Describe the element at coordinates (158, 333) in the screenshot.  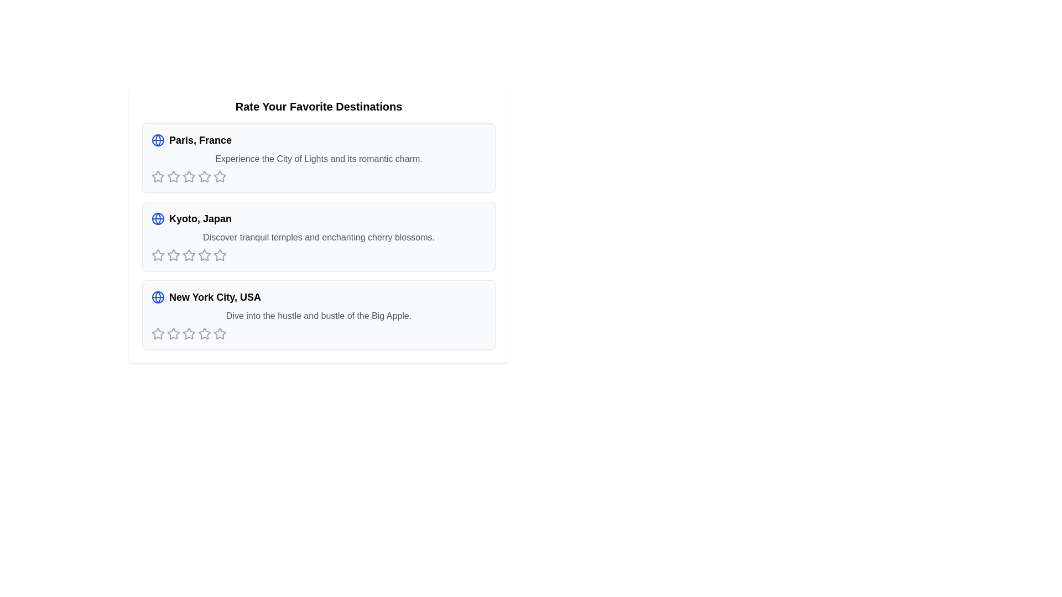
I see `the first gray star icon in the horizontal row of rating stars located under the 'New York City, USA' section` at that location.